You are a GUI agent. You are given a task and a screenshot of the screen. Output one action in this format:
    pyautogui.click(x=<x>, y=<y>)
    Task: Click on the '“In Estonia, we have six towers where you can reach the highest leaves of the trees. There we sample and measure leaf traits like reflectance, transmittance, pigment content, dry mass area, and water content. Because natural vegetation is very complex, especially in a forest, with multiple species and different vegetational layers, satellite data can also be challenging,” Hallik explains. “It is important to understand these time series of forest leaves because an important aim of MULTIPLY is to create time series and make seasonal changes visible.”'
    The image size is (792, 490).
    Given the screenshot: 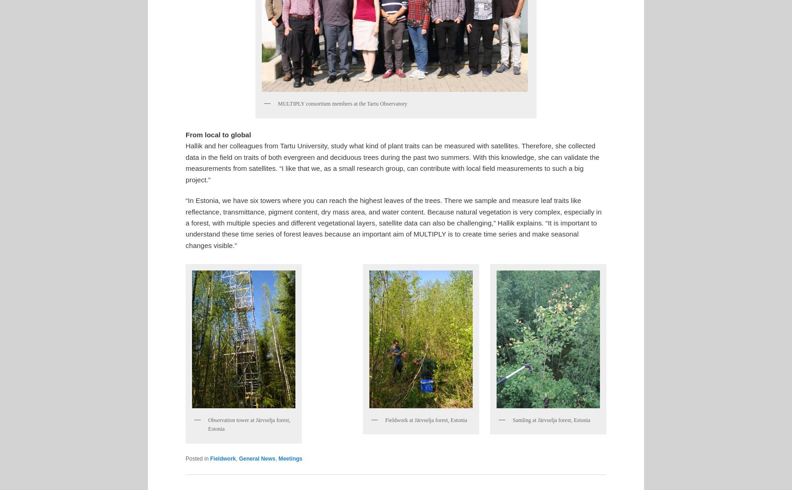 What is the action you would take?
    pyautogui.click(x=393, y=222)
    